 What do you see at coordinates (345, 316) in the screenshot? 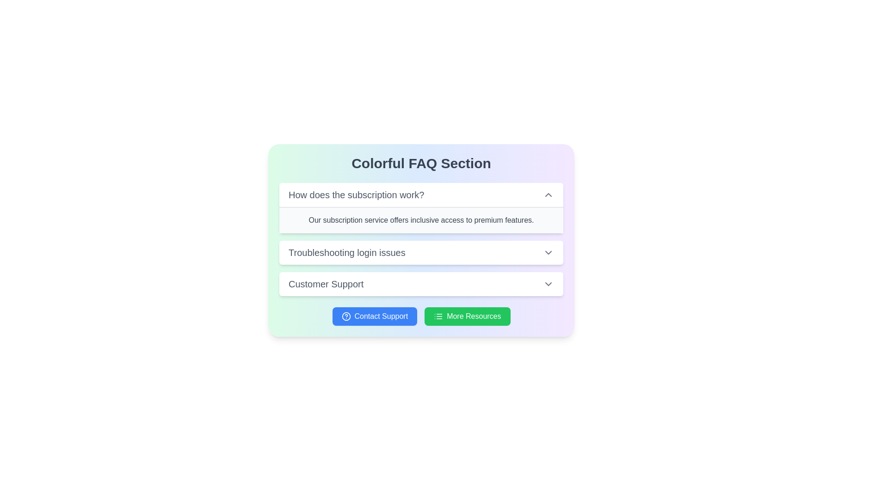
I see `the help icon located to the left of the 'Contact Support' button in the FAQ section` at bounding box center [345, 316].